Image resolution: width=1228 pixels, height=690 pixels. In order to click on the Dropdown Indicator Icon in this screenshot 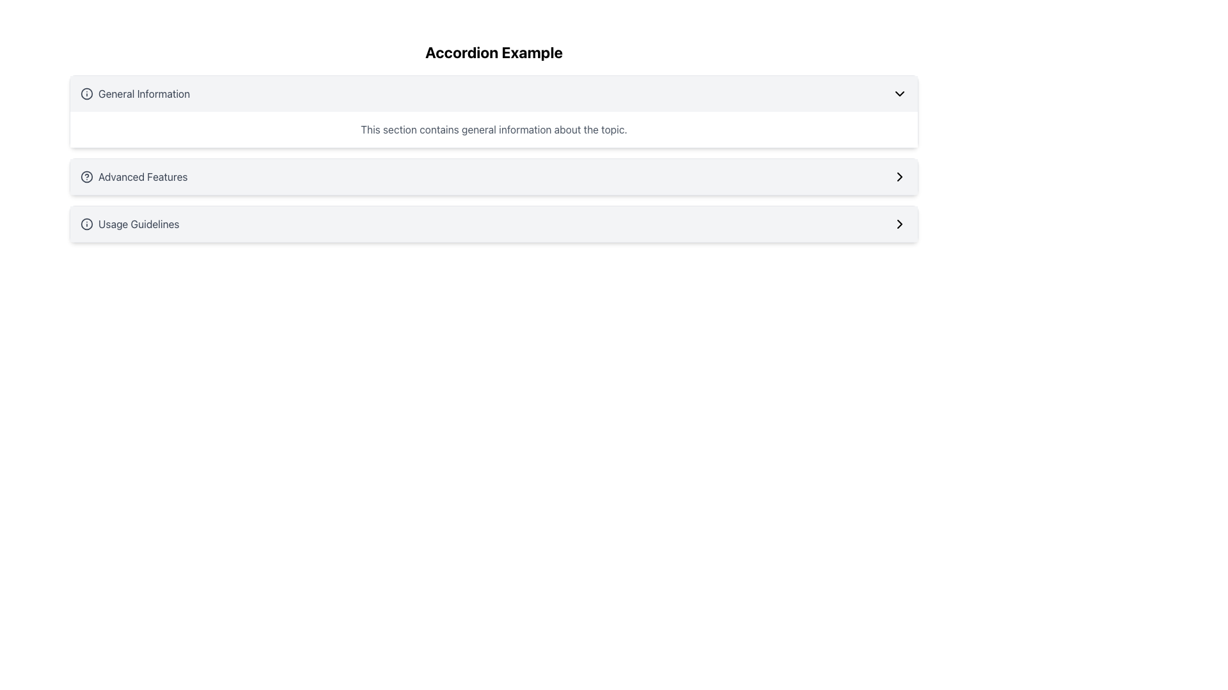, I will do `click(899, 93)`.